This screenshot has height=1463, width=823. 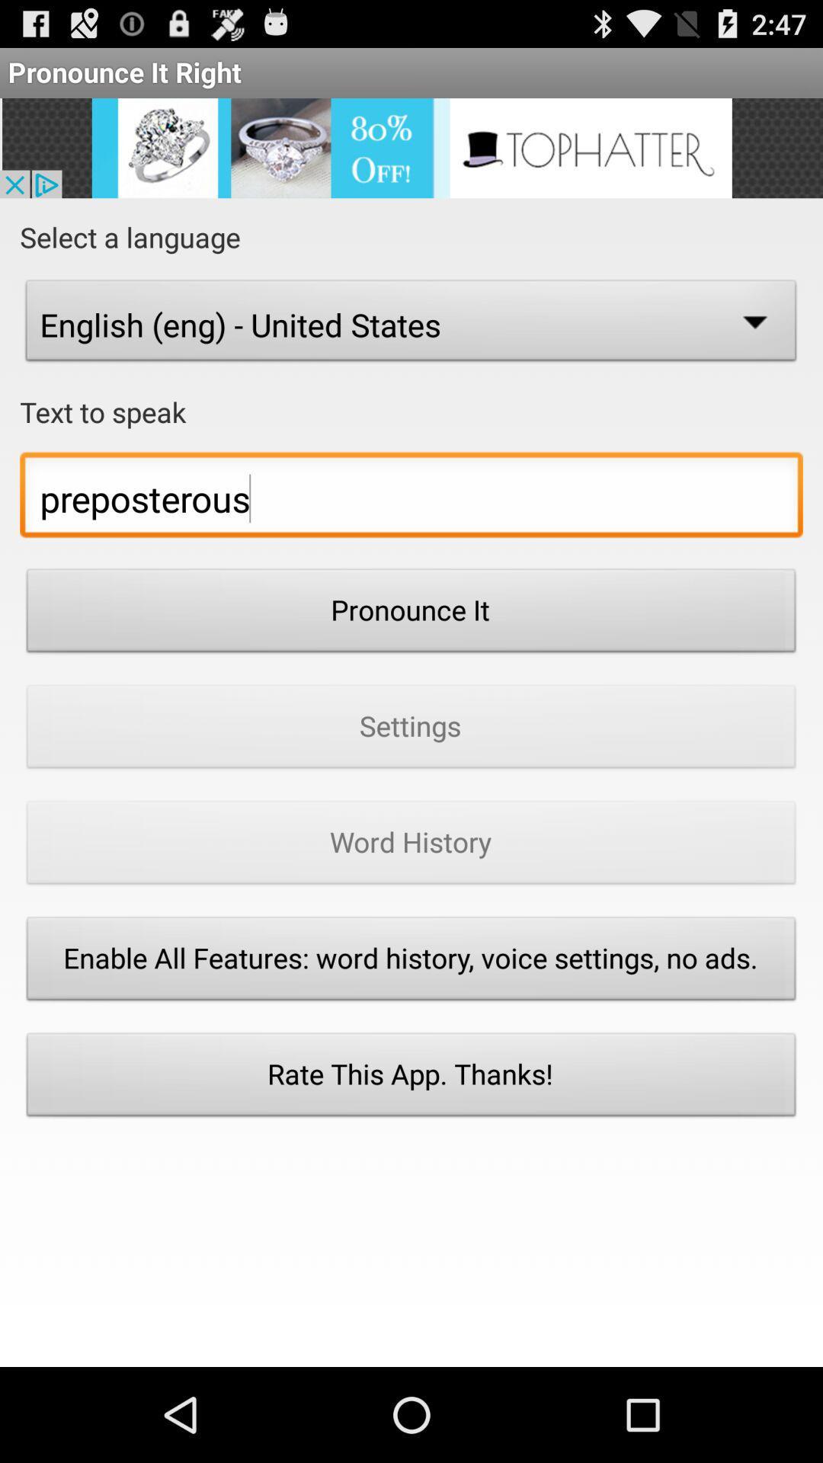 What do you see at coordinates (411, 148) in the screenshot?
I see `advertisement` at bounding box center [411, 148].